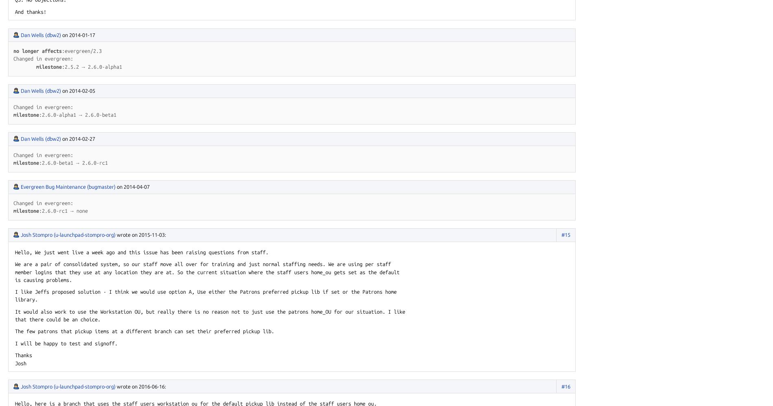  I want to click on 'on 2016-06-16', so click(148, 386).